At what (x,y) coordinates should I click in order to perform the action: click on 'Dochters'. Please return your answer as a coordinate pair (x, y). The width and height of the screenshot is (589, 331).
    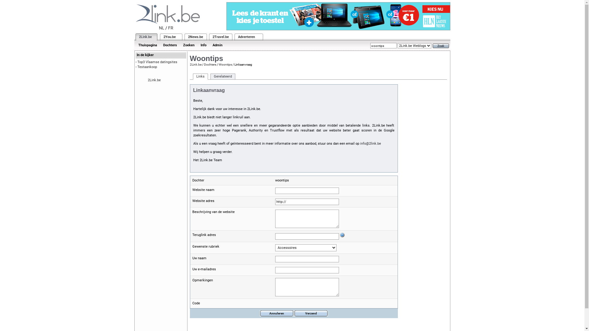
    Looking at the image, I should click on (210, 64).